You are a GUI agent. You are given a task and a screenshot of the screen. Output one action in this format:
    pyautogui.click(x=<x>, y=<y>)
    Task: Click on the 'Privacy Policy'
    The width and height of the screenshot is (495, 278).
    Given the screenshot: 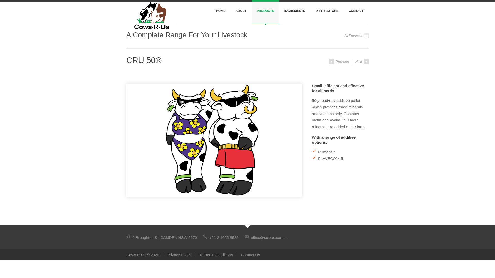 What is the action you would take?
    pyautogui.click(x=163, y=254)
    